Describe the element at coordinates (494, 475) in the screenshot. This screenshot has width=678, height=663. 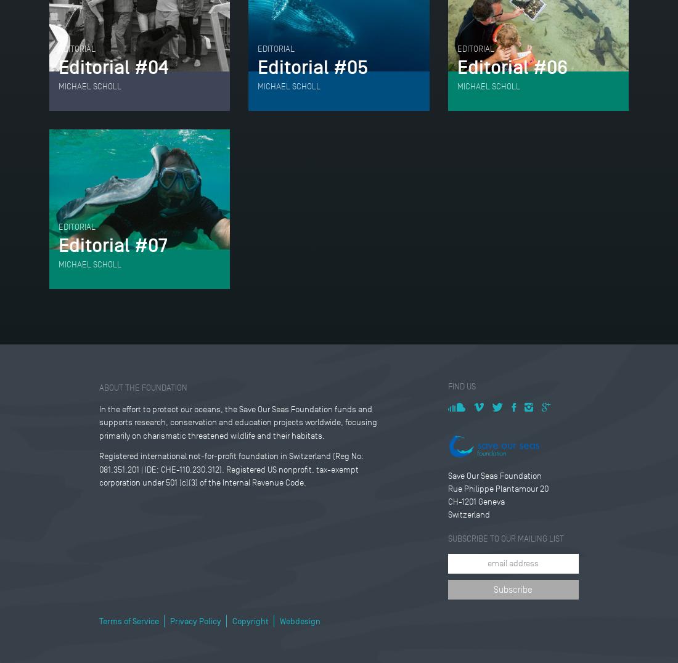
I see `'Save Our Seas Foundation'` at that location.